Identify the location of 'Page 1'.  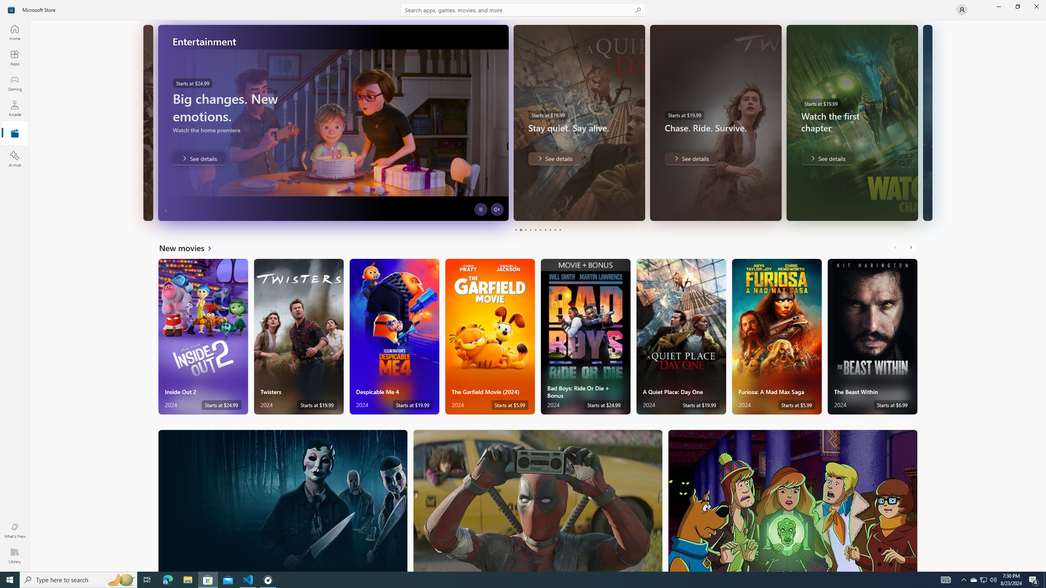
(515, 229).